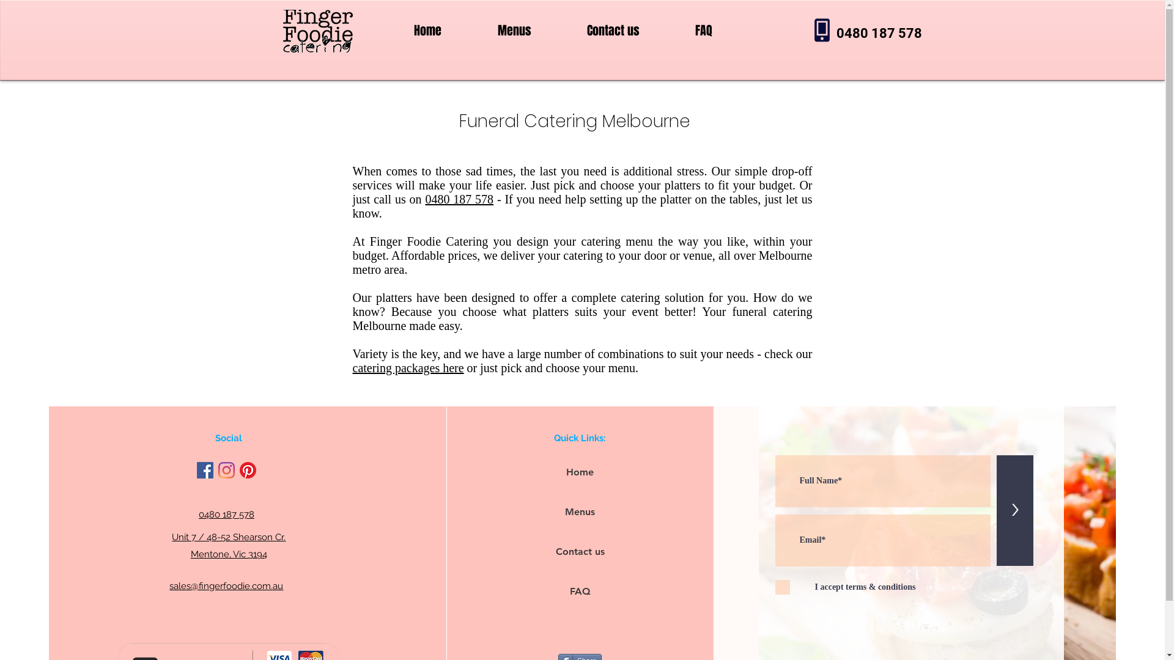  I want to click on 'FAQ', so click(704, 30).